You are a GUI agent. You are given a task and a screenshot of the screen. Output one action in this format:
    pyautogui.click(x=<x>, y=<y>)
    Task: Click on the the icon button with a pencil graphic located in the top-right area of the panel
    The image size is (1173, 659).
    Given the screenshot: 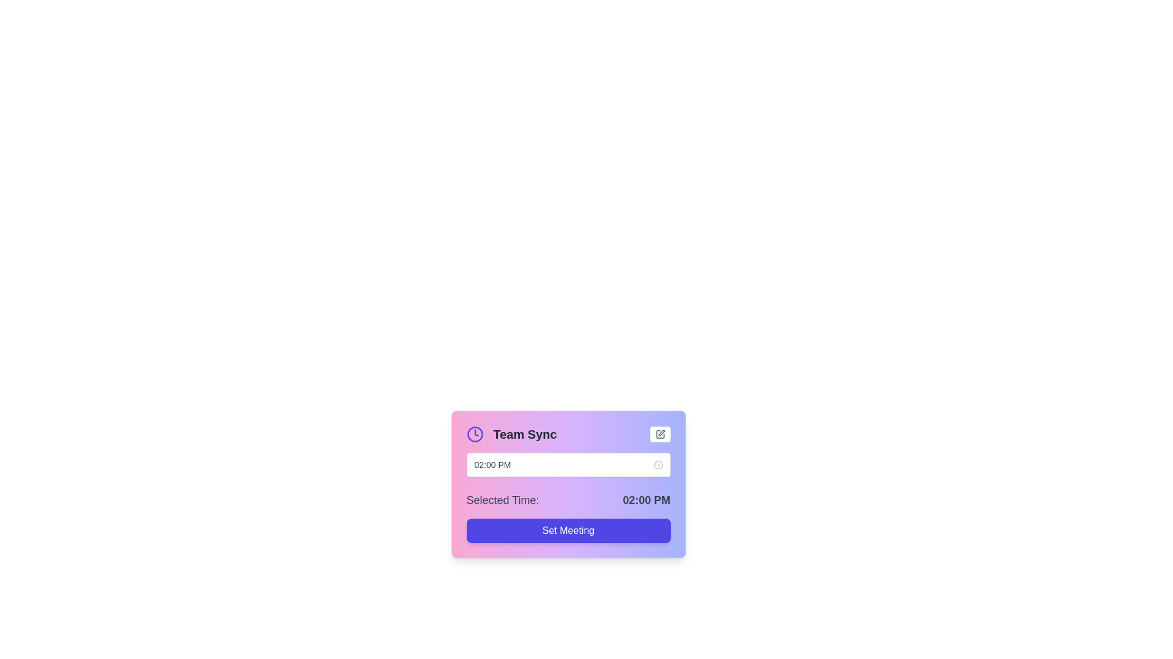 What is the action you would take?
    pyautogui.click(x=659, y=434)
    